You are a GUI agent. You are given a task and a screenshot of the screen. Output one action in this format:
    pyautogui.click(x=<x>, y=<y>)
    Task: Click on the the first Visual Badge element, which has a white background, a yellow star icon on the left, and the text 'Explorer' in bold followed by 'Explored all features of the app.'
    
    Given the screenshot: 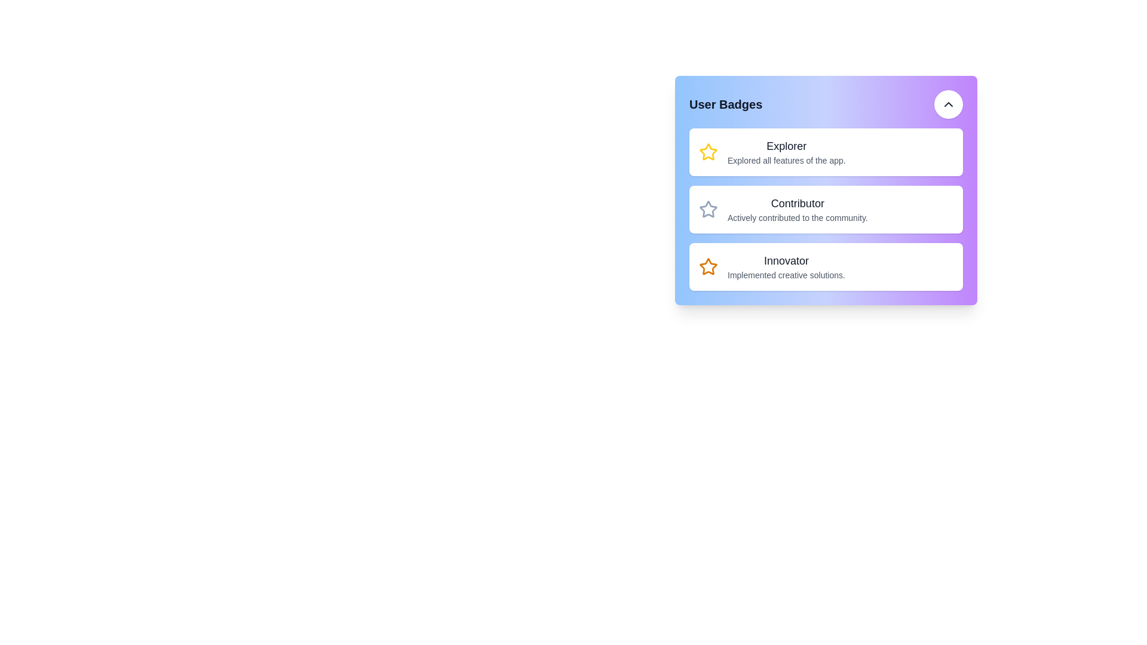 What is the action you would take?
    pyautogui.click(x=825, y=151)
    